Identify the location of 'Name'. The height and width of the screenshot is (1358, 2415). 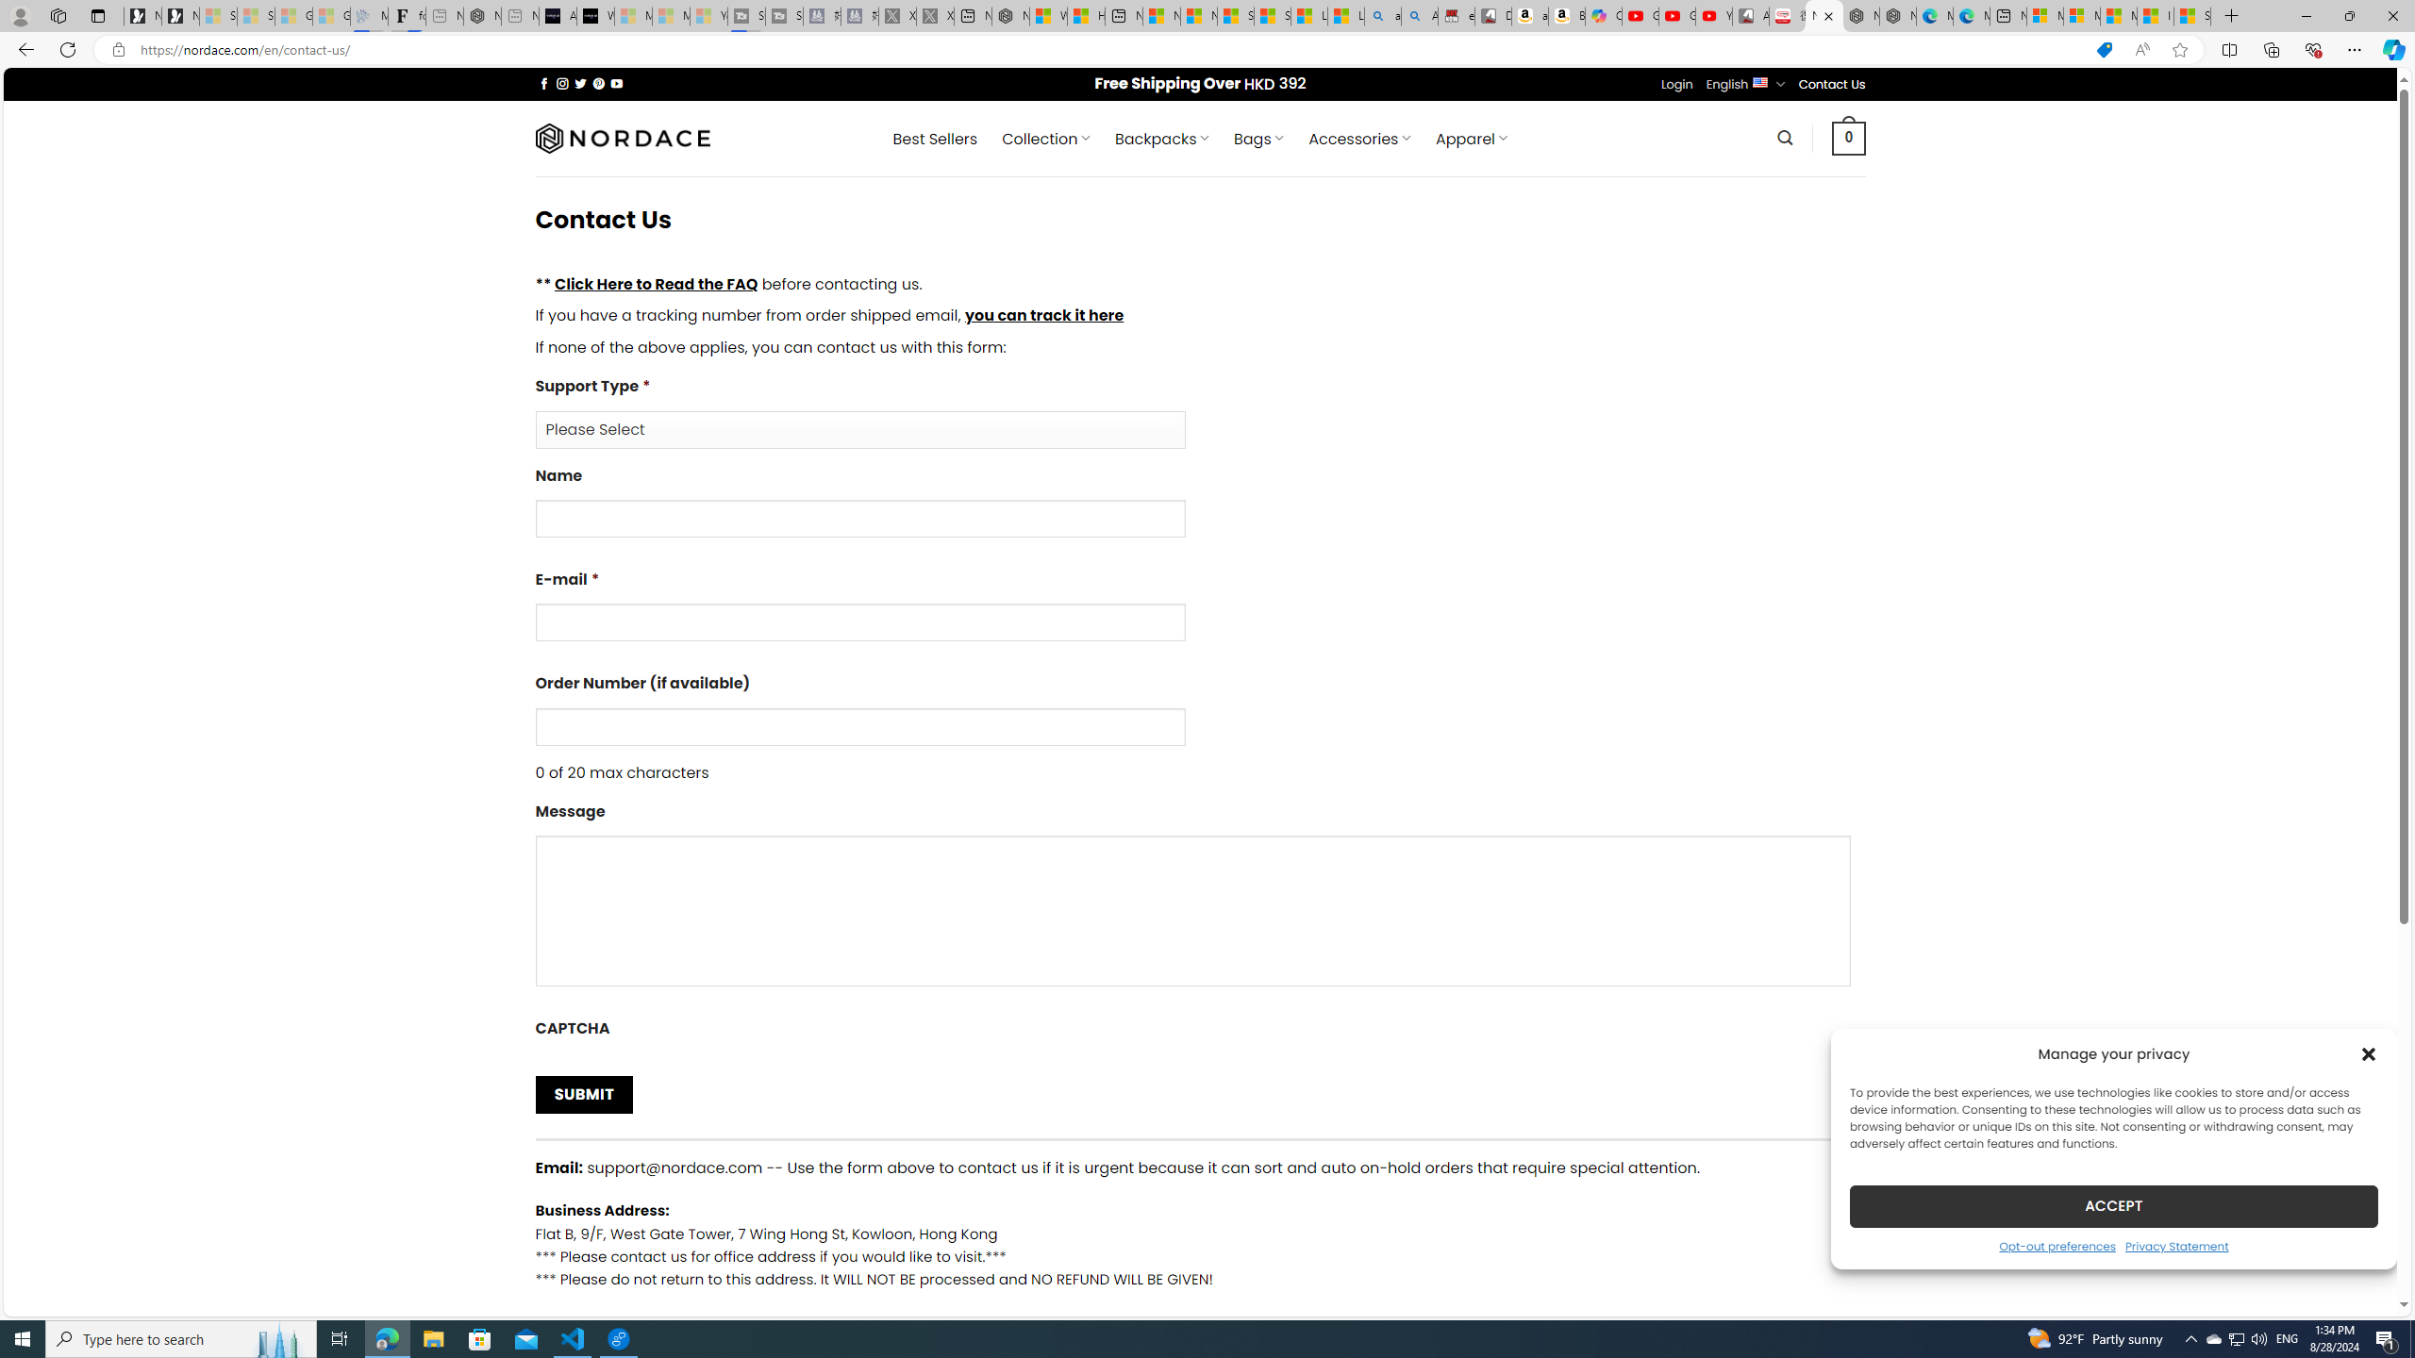
(1199, 508).